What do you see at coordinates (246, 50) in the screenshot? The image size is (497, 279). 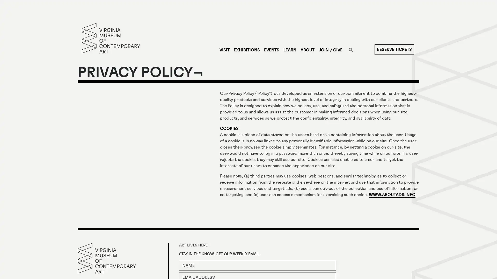 I see `EXHIBITIONS` at bounding box center [246, 50].